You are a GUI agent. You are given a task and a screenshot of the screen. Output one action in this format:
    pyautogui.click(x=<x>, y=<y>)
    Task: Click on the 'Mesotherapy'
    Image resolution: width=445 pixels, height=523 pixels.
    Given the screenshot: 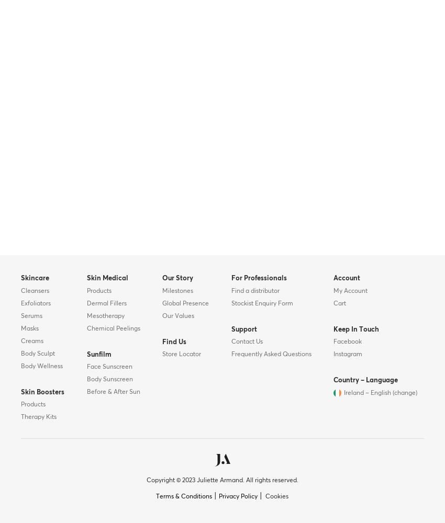 What is the action you would take?
    pyautogui.click(x=86, y=315)
    